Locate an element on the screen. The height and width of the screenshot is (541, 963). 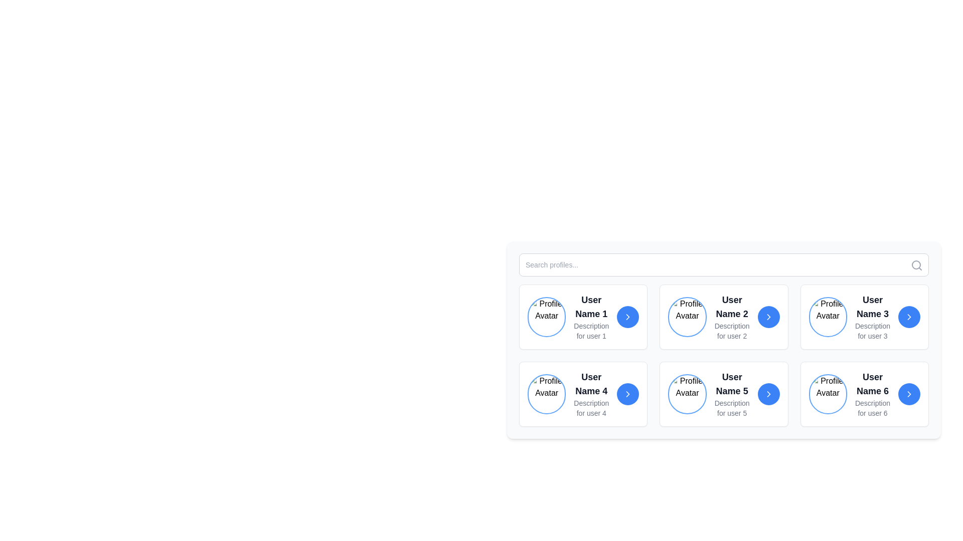
user information text displayed for User 2, located within a card layout, positioned between the profile picture and a blue circular arrow icon is located at coordinates (732, 317).